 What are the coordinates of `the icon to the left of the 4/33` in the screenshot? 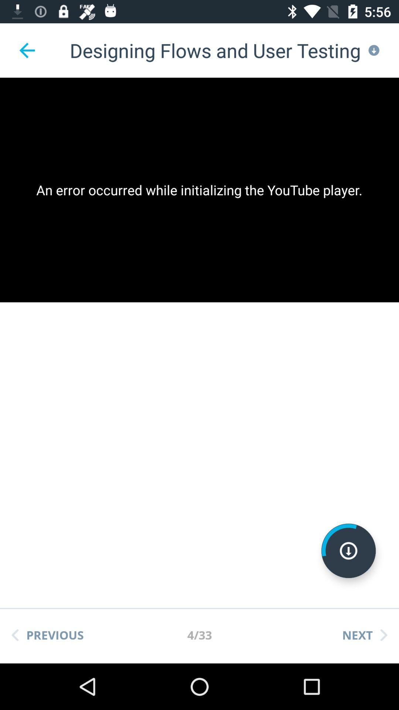 It's located at (47, 635).